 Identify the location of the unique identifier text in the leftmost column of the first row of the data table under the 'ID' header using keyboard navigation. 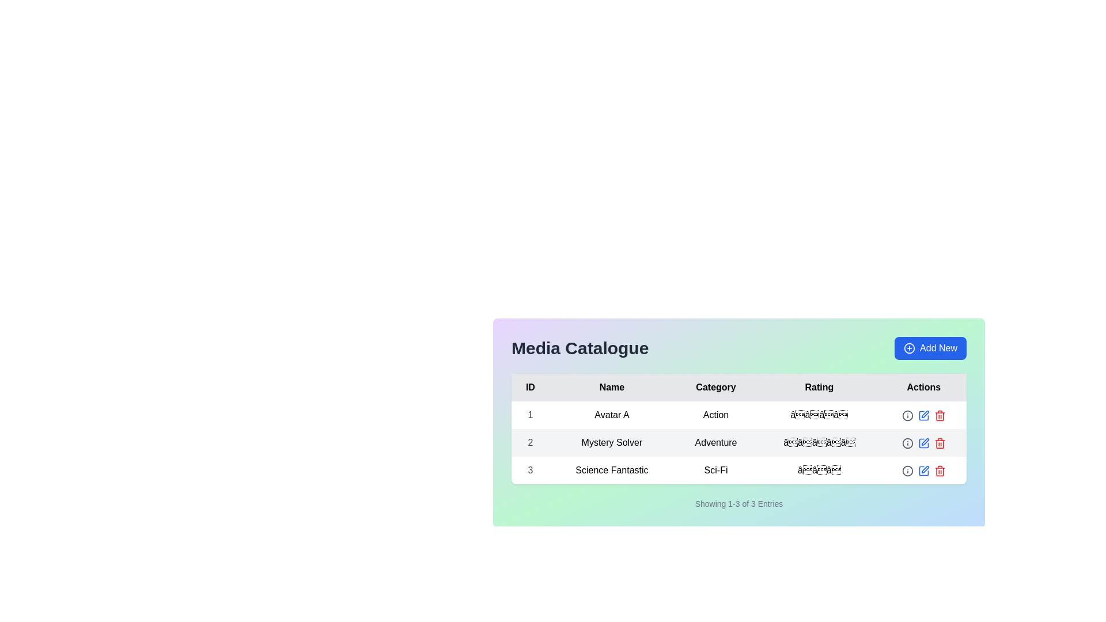
(530, 415).